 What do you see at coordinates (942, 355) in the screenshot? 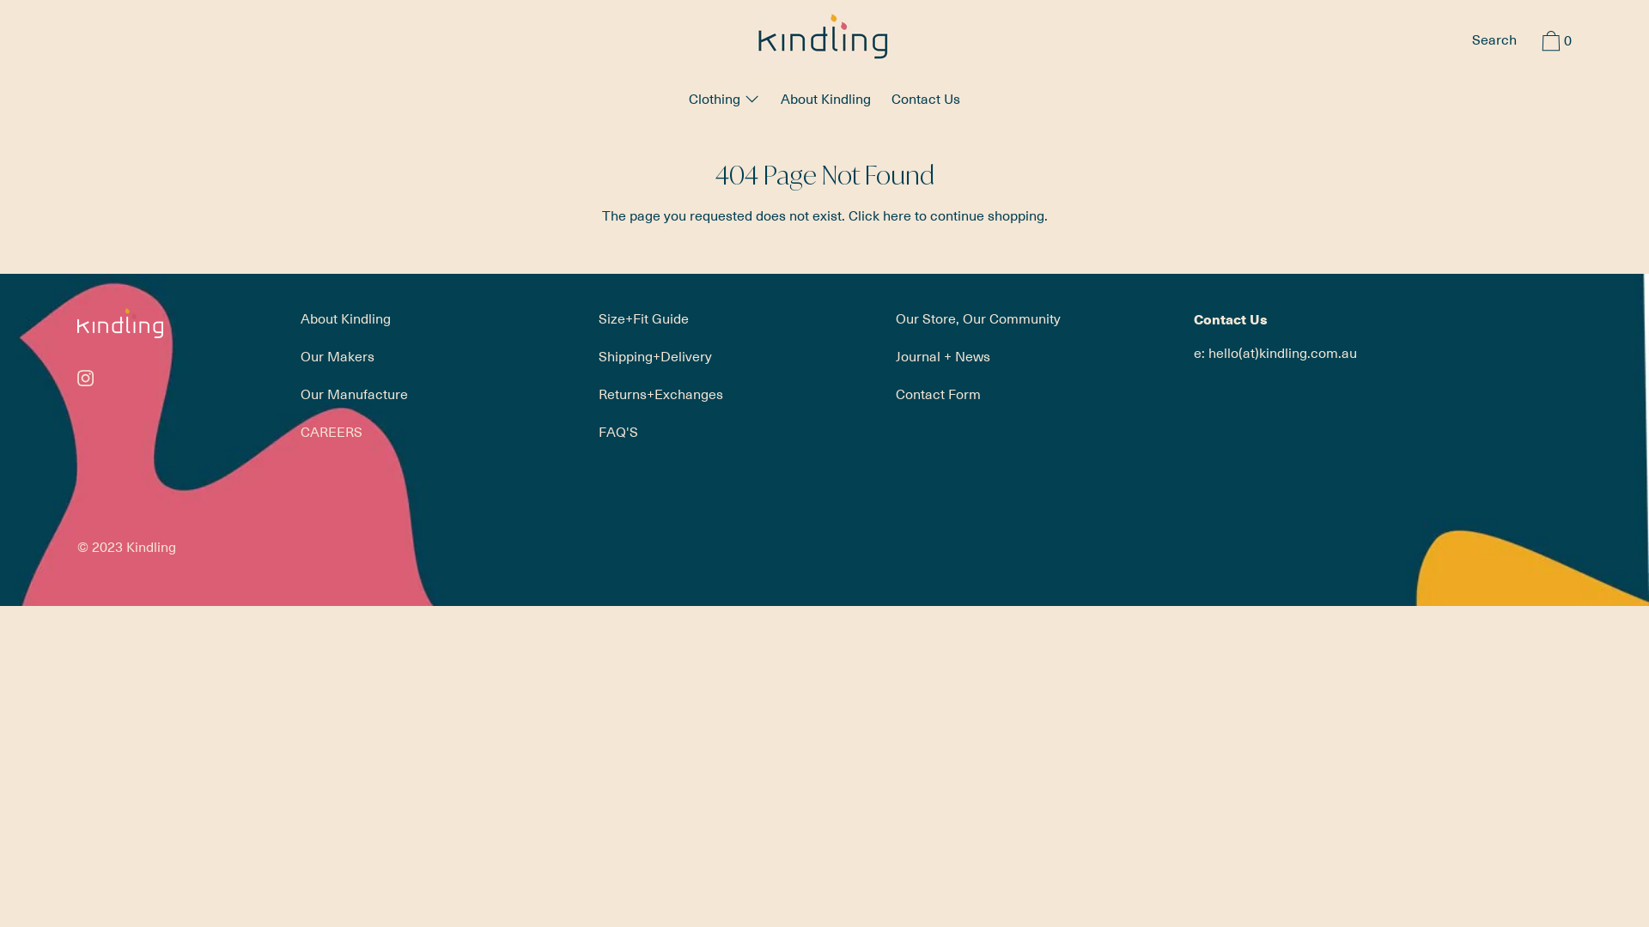
I see `'Journal + News'` at bounding box center [942, 355].